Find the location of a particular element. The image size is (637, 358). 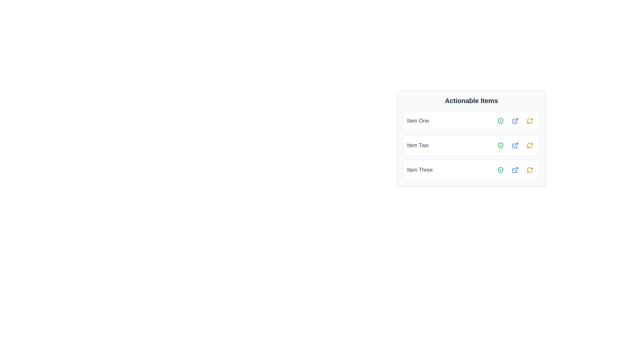

the refresh button, which is a circular arrow icon in golden yellow color, located in the last row of the 'Actionable Items' list under 'Item Three' is located at coordinates (530, 170).